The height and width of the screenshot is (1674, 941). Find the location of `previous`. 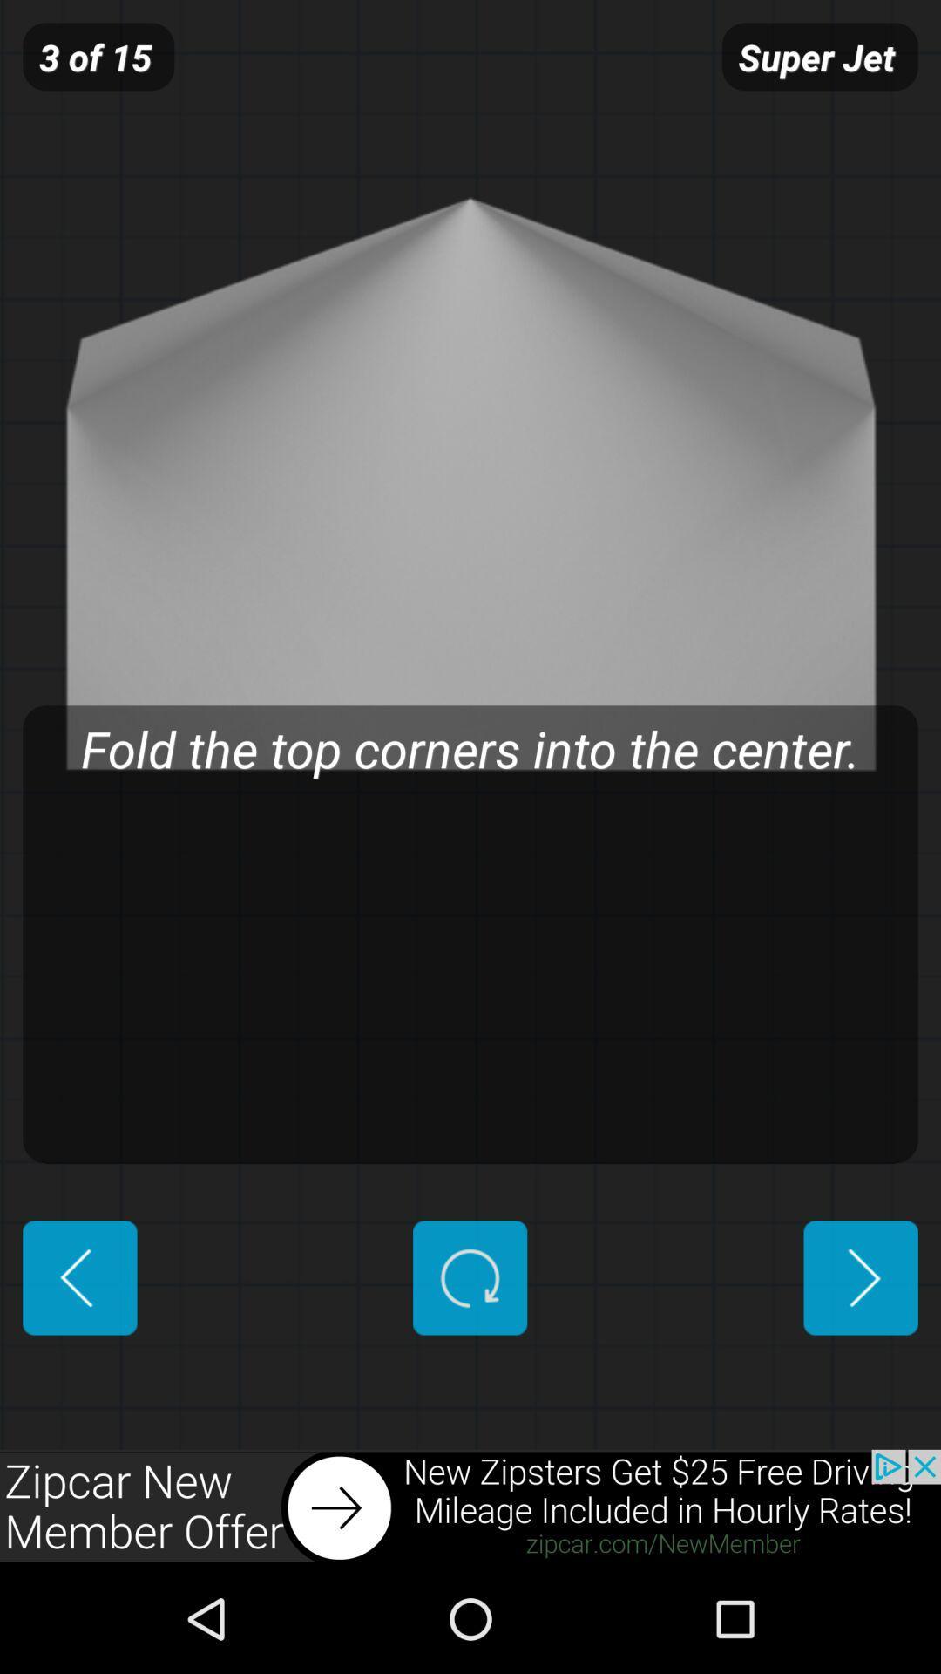

previous is located at coordinates (860, 1277).